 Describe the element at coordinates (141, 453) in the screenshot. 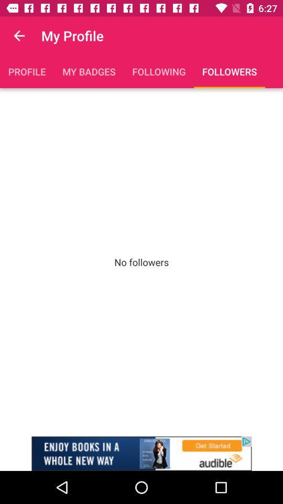

I see `advertisement link banner` at that location.